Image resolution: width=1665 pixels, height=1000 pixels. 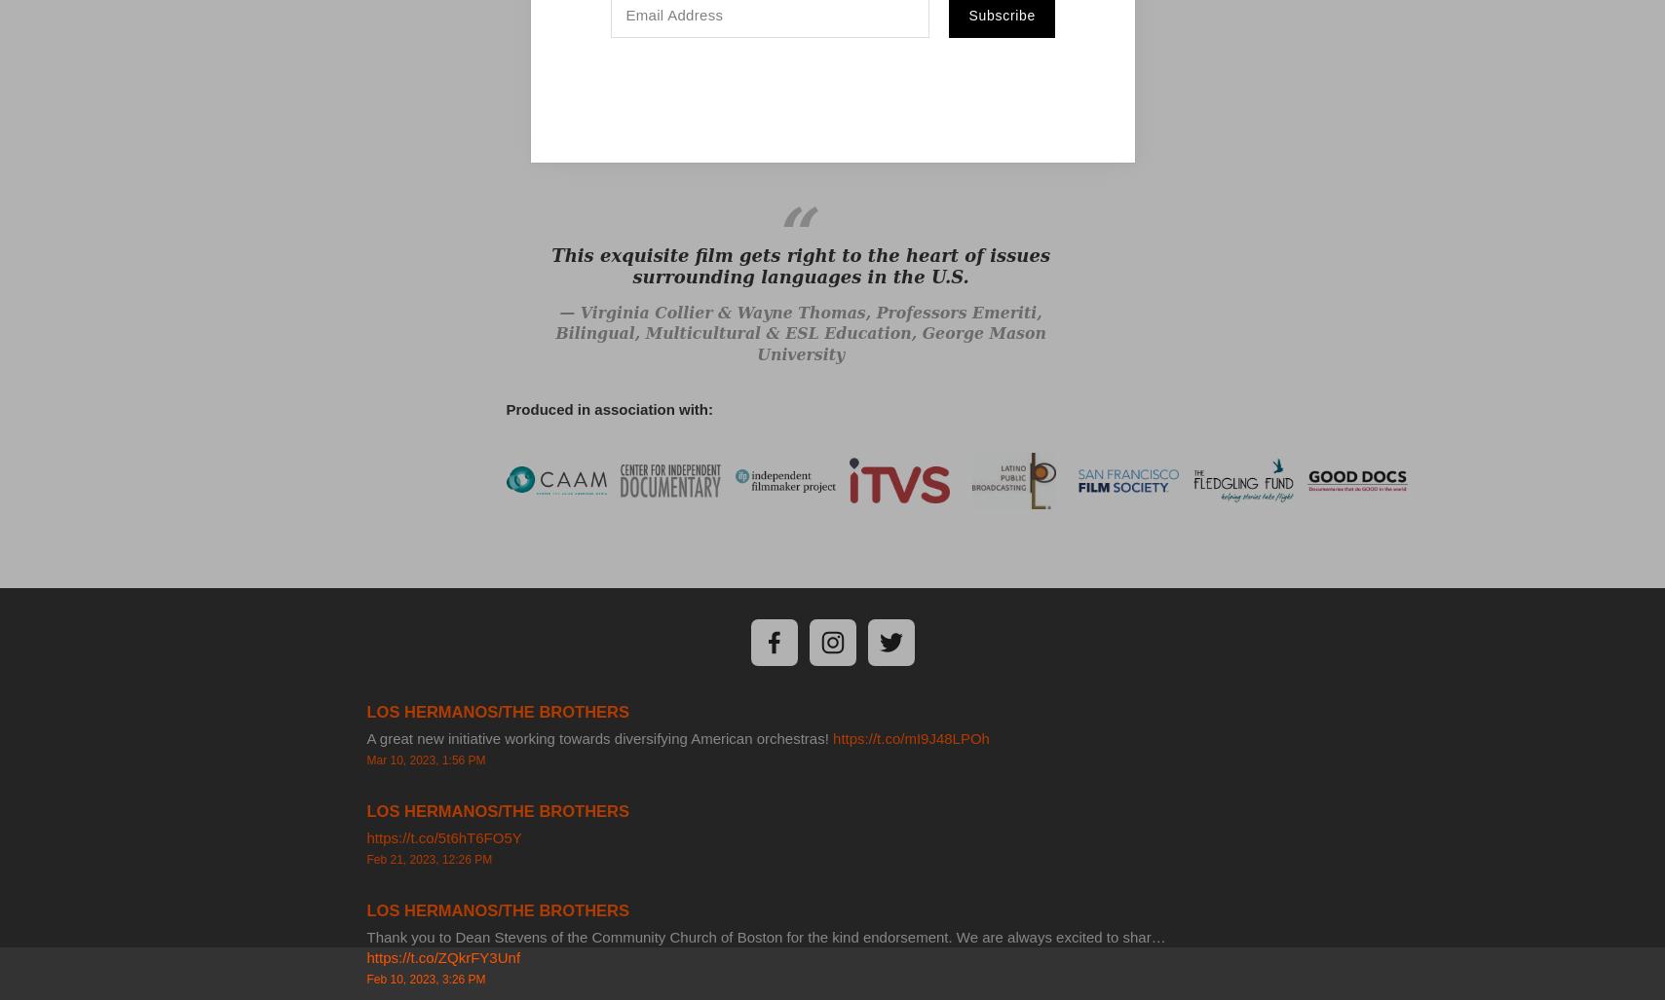 I want to click on 'Produced in association with:', so click(x=505, y=407).